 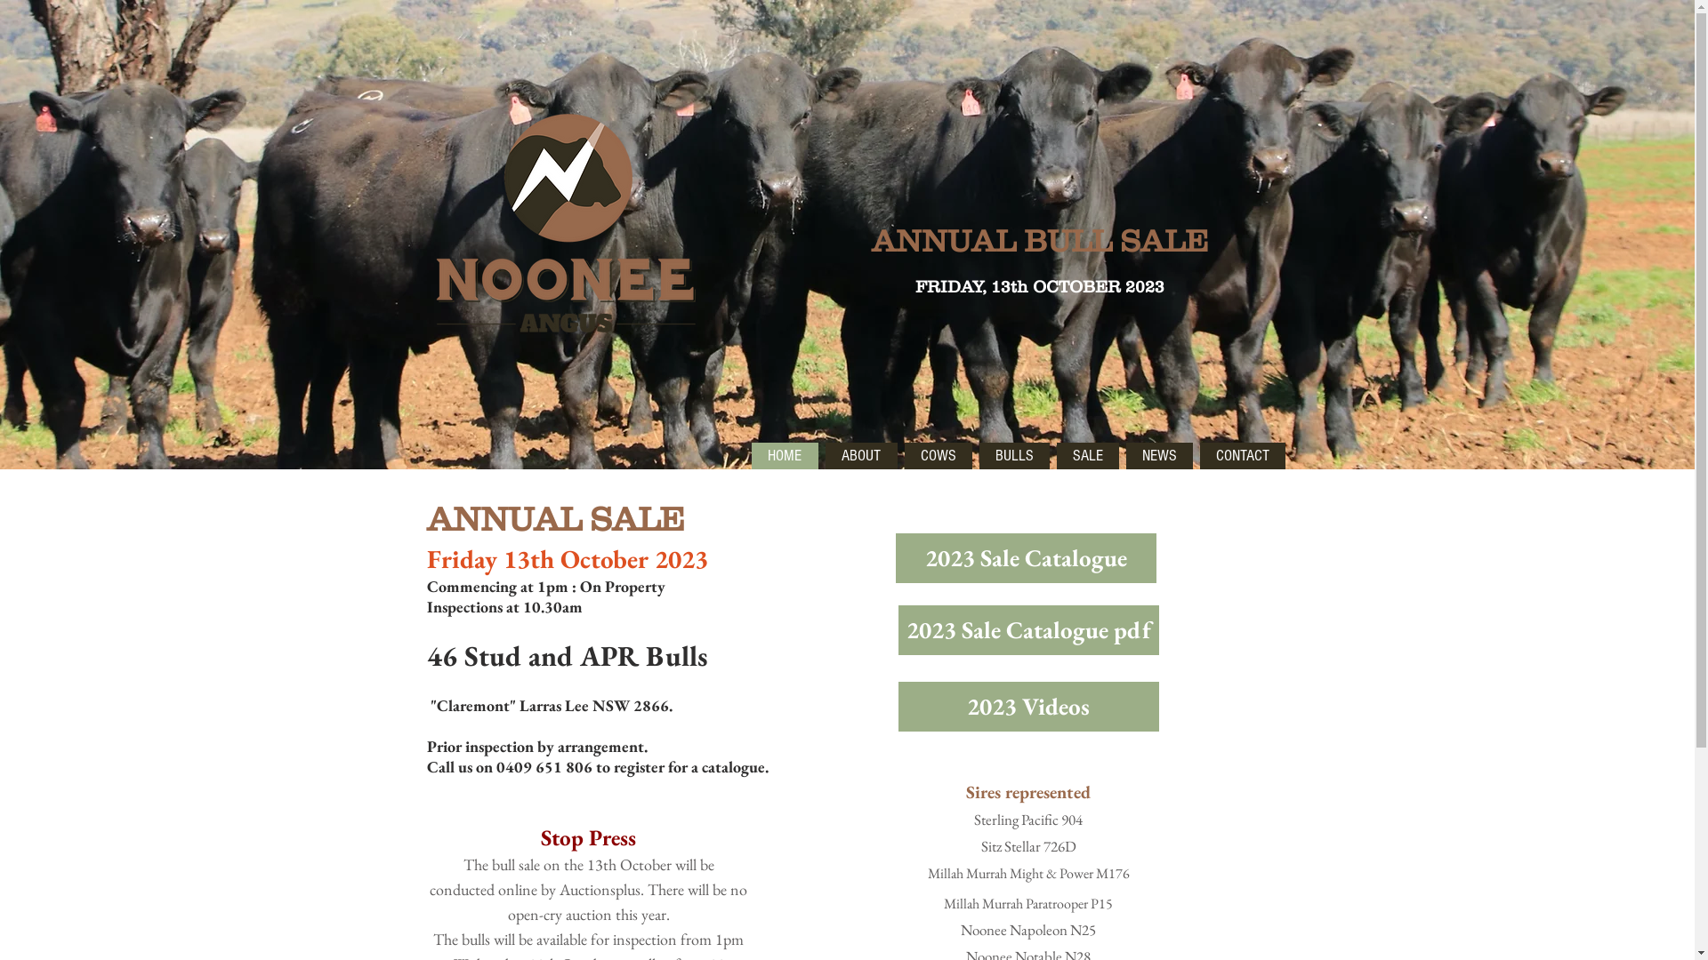 I want to click on 'NEWS', so click(x=1159, y=455).